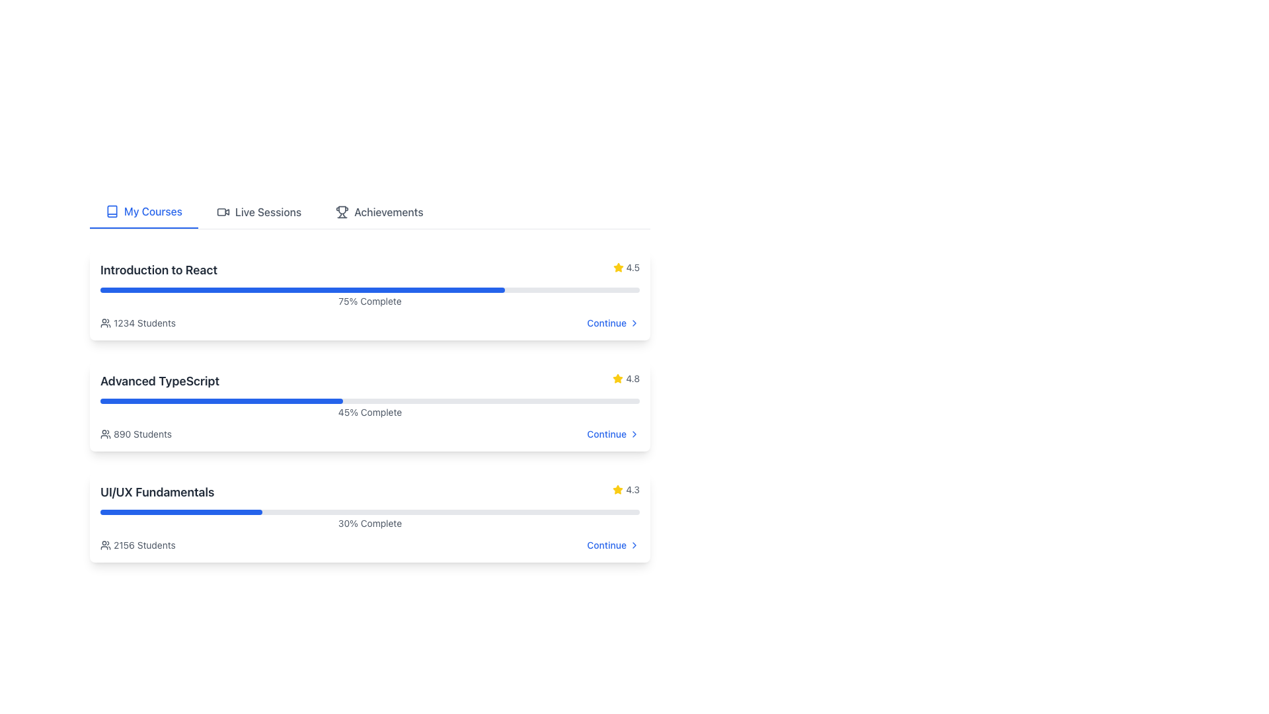  What do you see at coordinates (104, 434) in the screenshot?
I see `the graphical icon depicting a group located in the second course card of the 'My Courses' section, to the left of the text '890 Students'` at bounding box center [104, 434].